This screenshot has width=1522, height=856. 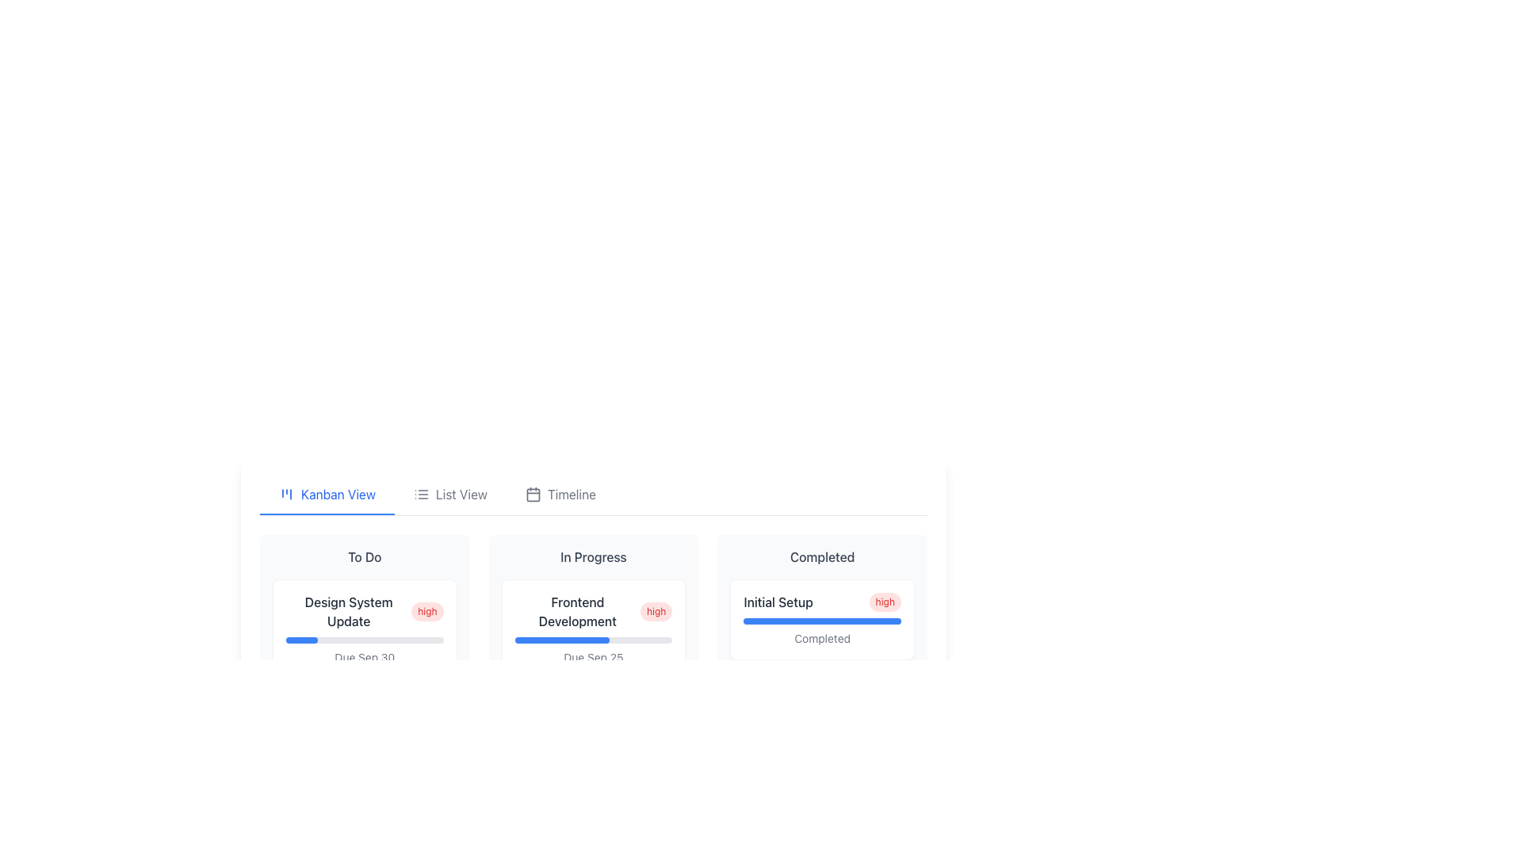 What do you see at coordinates (364, 639) in the screenshot?
I see `the progress bar with a gray background and blue foreground located in the 'To Do' section of the kanban board, specifically beneath the 'Design System Update' card` at bounding box center [364, 639].